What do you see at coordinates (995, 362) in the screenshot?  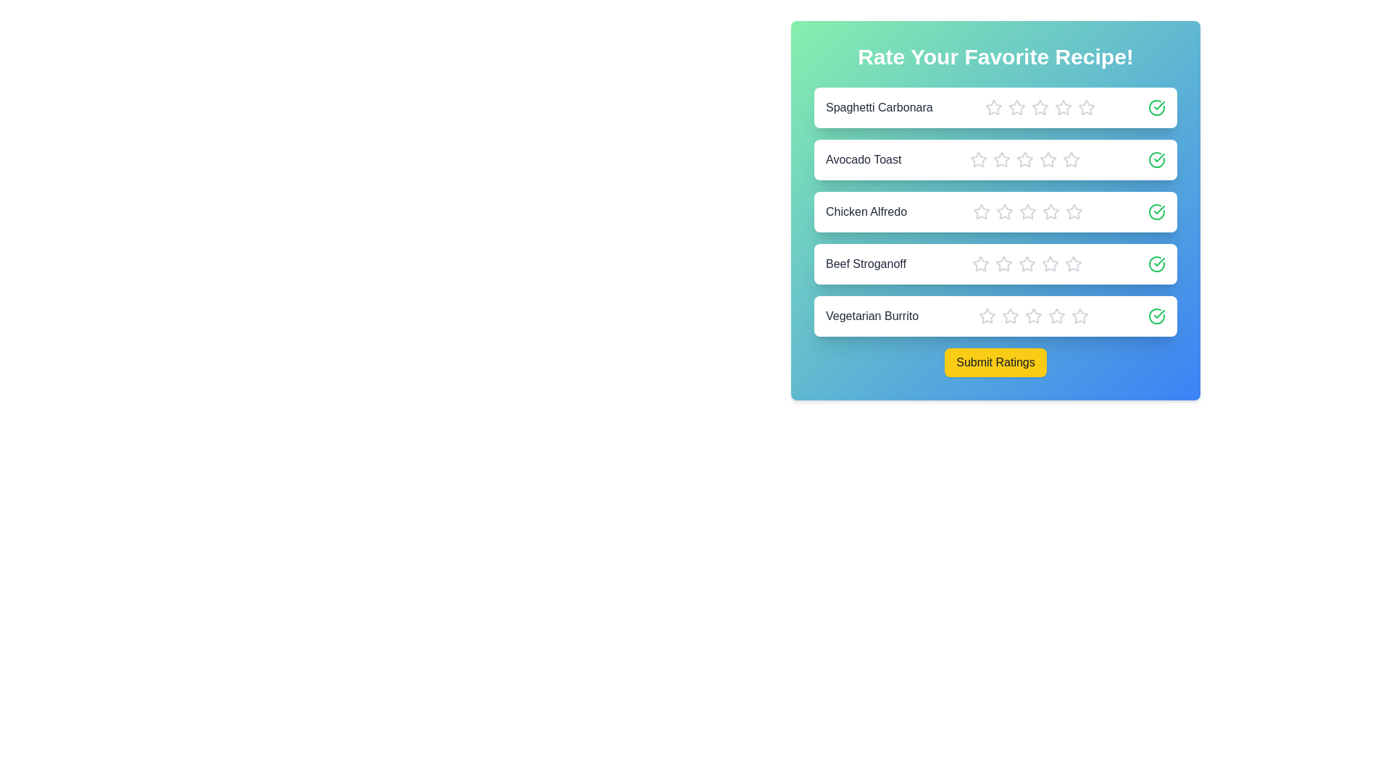 I see `'Submit Ratings' button to submit the ratings` at bounding box center [995, 362].